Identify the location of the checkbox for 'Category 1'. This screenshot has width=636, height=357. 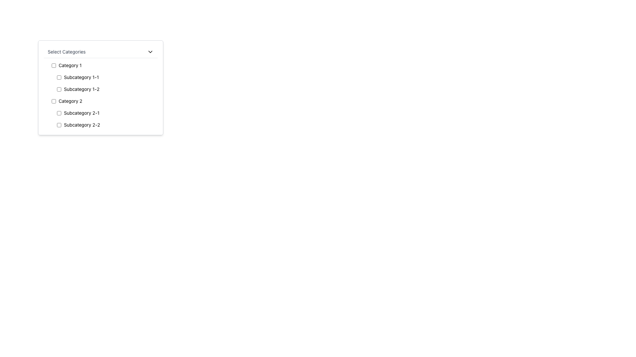
(54, 65).